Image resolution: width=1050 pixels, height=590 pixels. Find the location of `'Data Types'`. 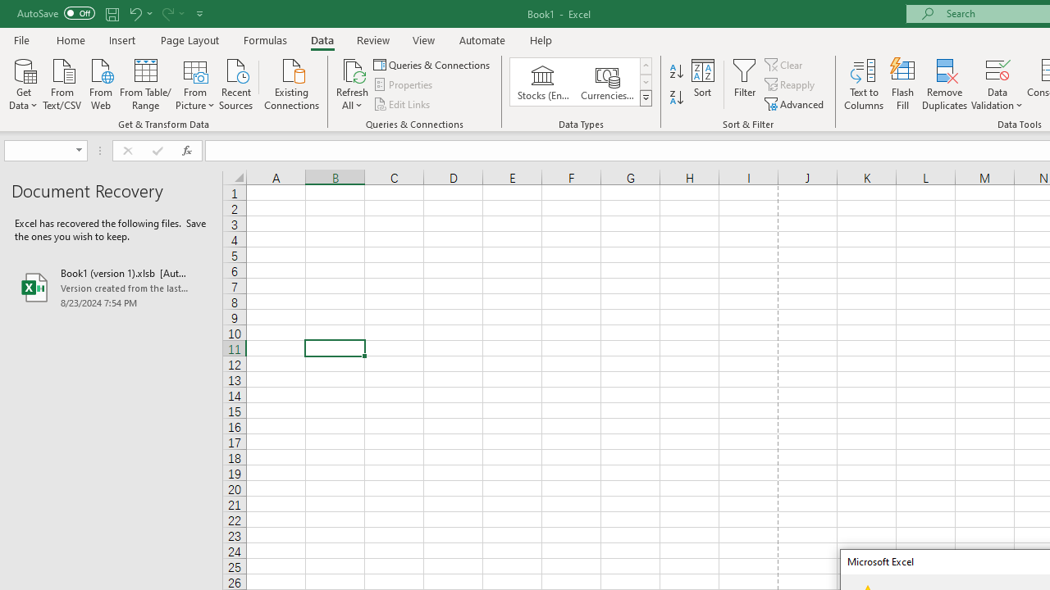

'Data Types' is located at coordinates (645, 98).